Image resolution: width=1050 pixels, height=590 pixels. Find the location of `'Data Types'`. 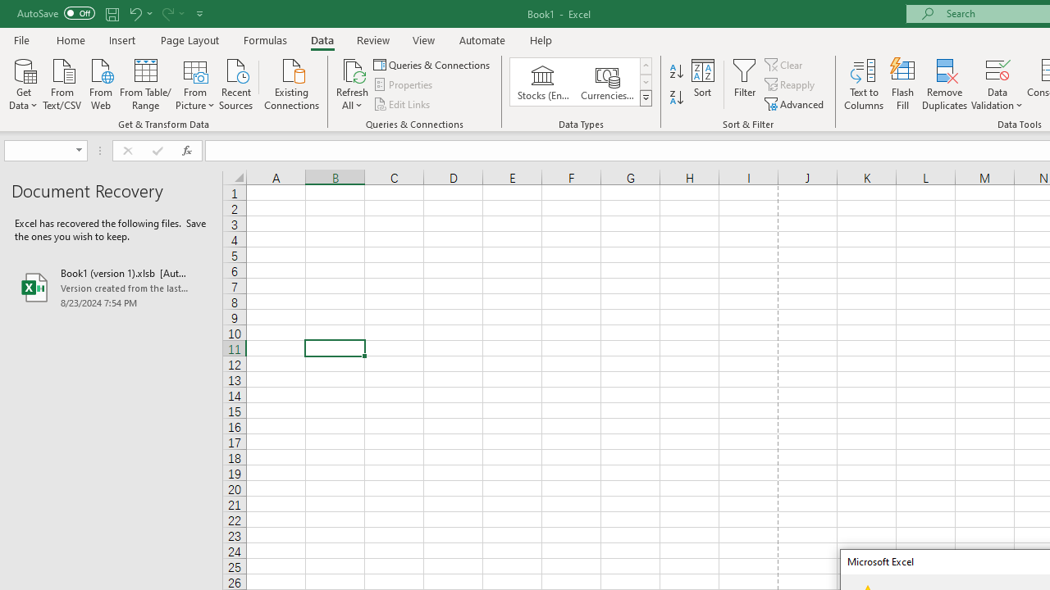

'Data Types' is located at coordinates (645, 98).